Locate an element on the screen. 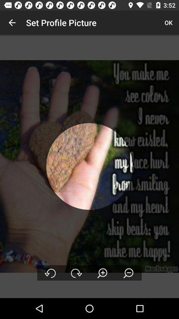 The image size is (179, 319). icon at the top right corner is located at coordinates (168, 23).